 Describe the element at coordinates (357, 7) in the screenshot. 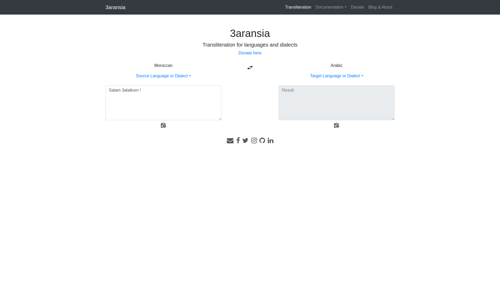

I see `'Donate'` at that location.